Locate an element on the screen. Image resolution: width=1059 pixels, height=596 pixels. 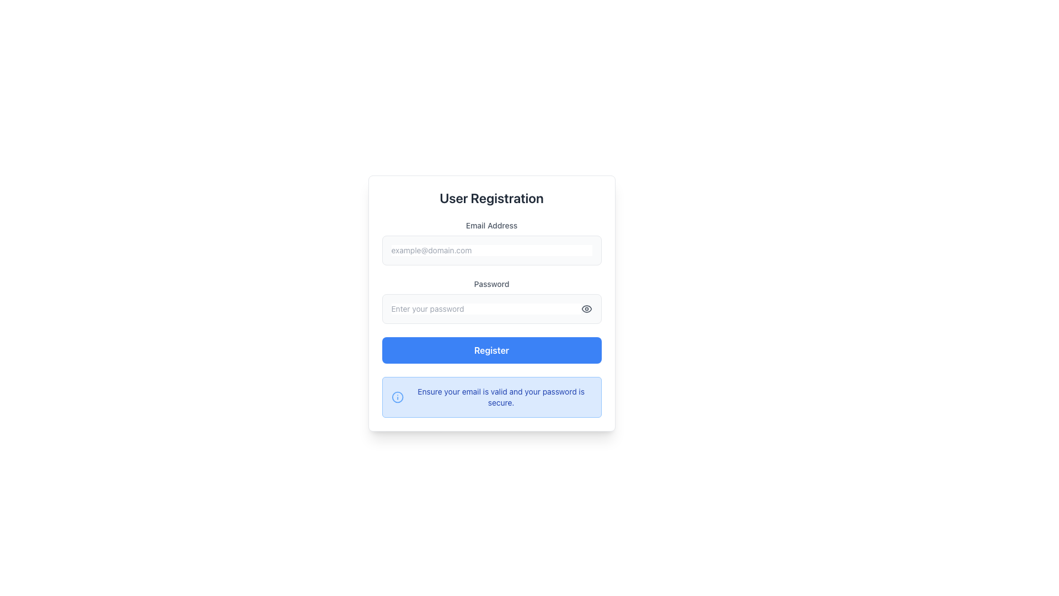
the static text label displaying 'Email Address', which is positioned above the email input field in the form layout is located at coordinates (491, 225).